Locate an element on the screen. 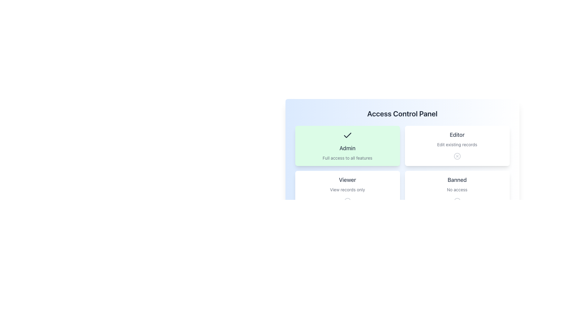 The width and height of the screenshot is (585, 329). the access restriction label that indicates a restricted or banned status, positioned above the 'No access' text in the access control interface is located at coordinates (457, 179).